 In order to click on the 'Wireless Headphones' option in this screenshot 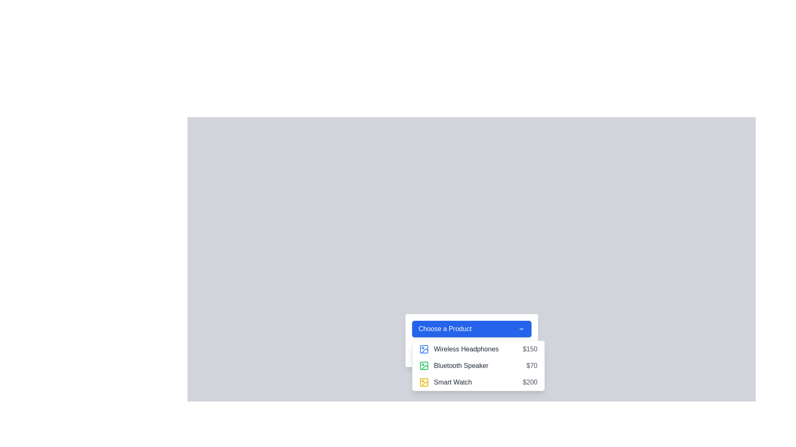, I will do `click(471, 340)`.